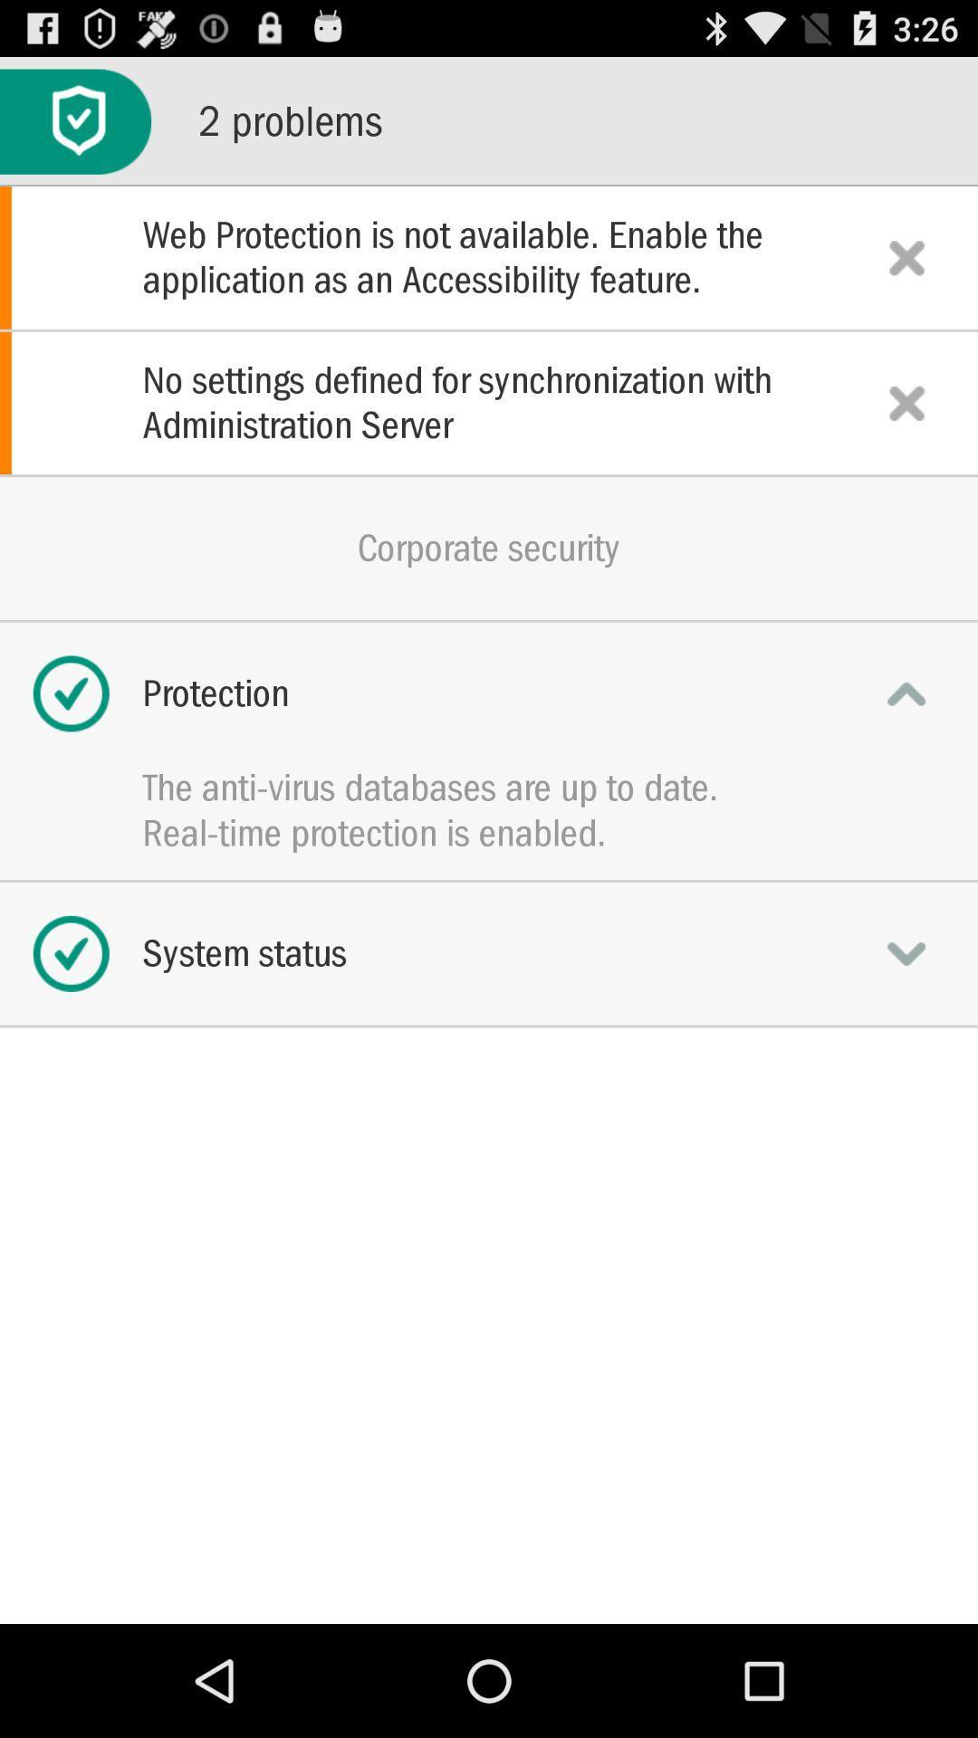  What do you see at coordinates (906, 402) in the screenshot?
I see `no settings problem notification` at bounding box center [906, 402].